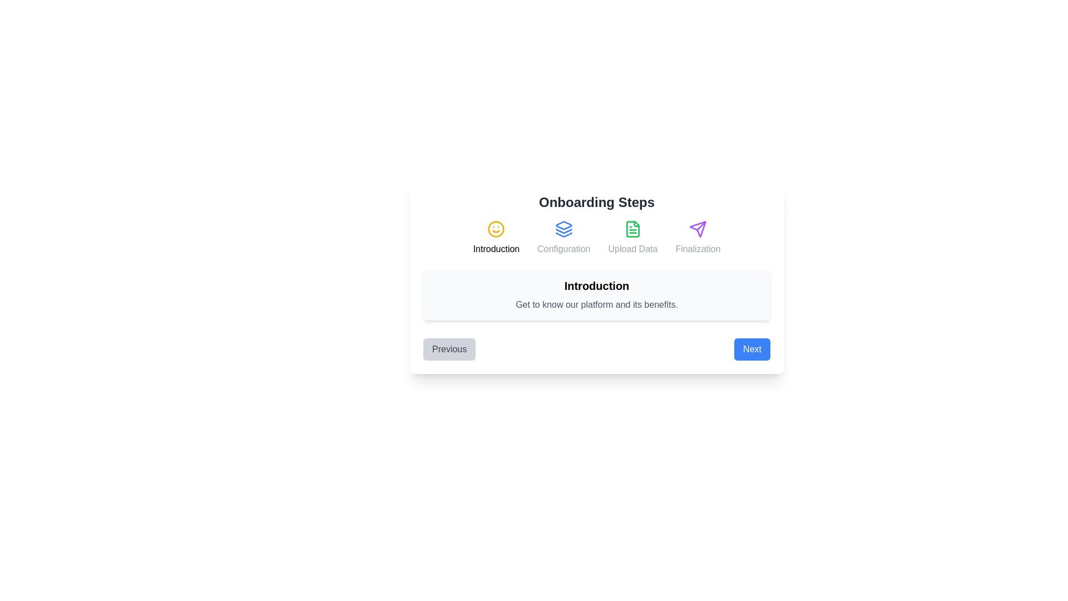 The image size is (1068, 601). Describe the element at coordinates (632, 229) in the screenshot. I see `the green icon resembling a file with text lines inside, associated with the text 'Upload Data', located in the top-center section of the interface` at that location.